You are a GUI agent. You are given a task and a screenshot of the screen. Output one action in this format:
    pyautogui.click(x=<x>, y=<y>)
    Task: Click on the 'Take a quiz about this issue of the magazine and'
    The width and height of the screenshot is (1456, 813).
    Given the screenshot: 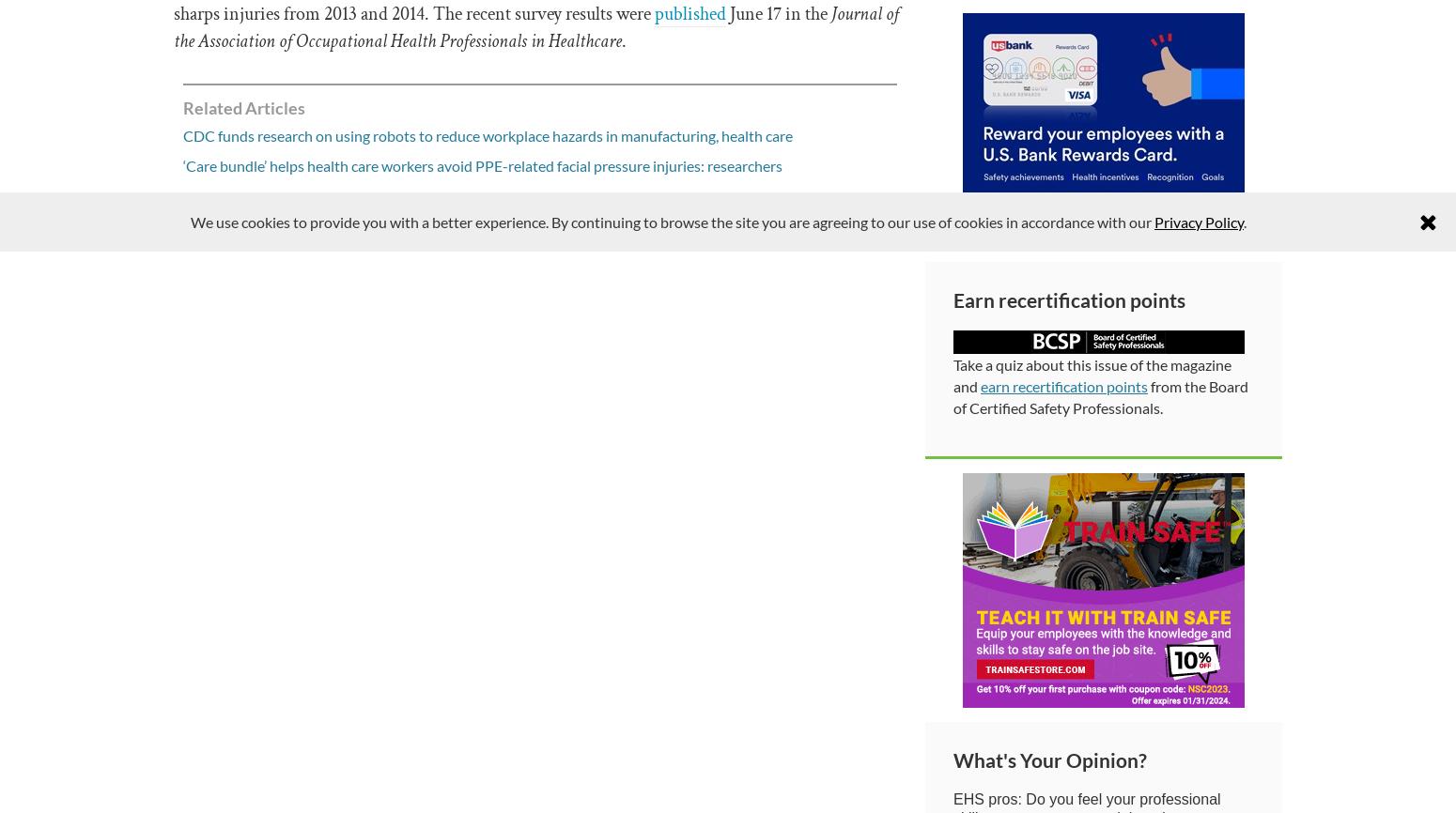 What is the action you would take?
    pyautogui.click(x=1091, y=374)
    